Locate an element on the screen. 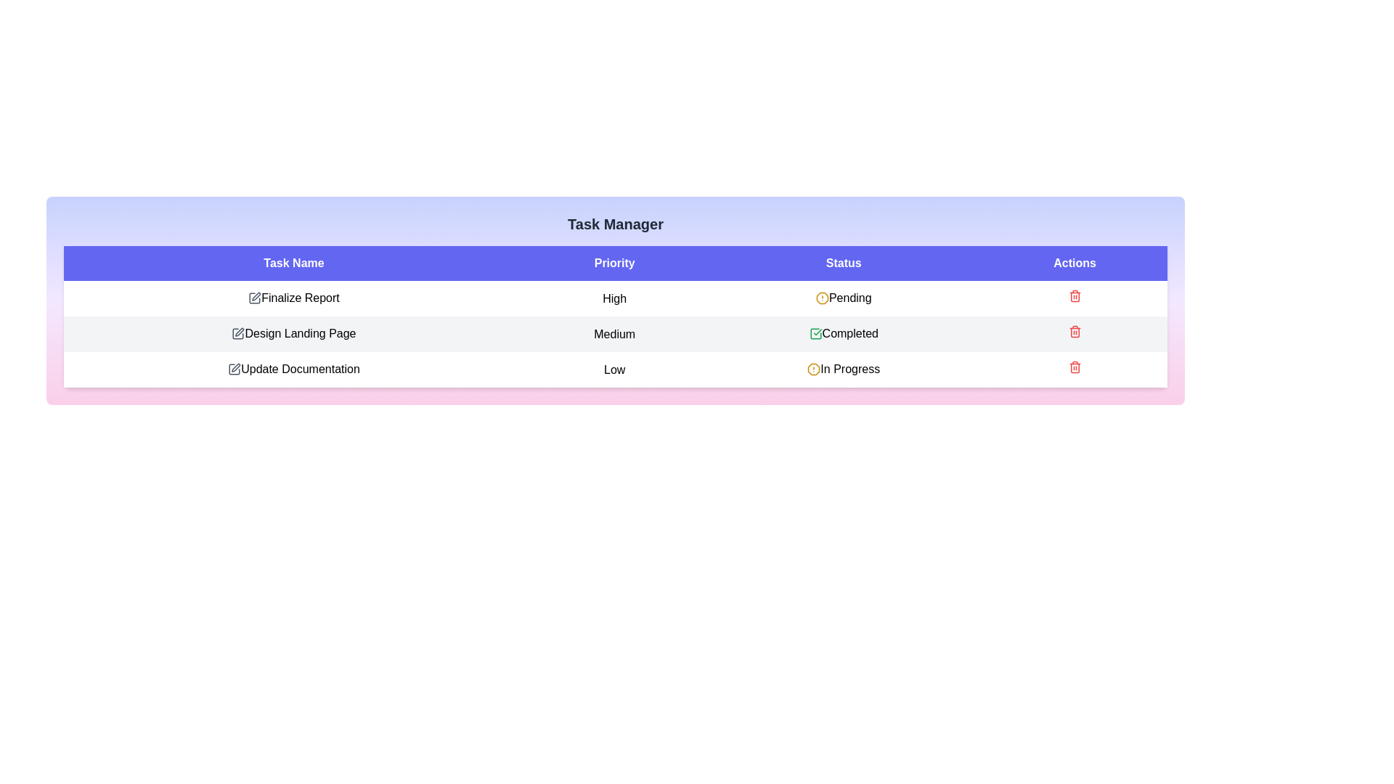  the edit icon for the task named Update Documentation is located at coordinates (234, 369).